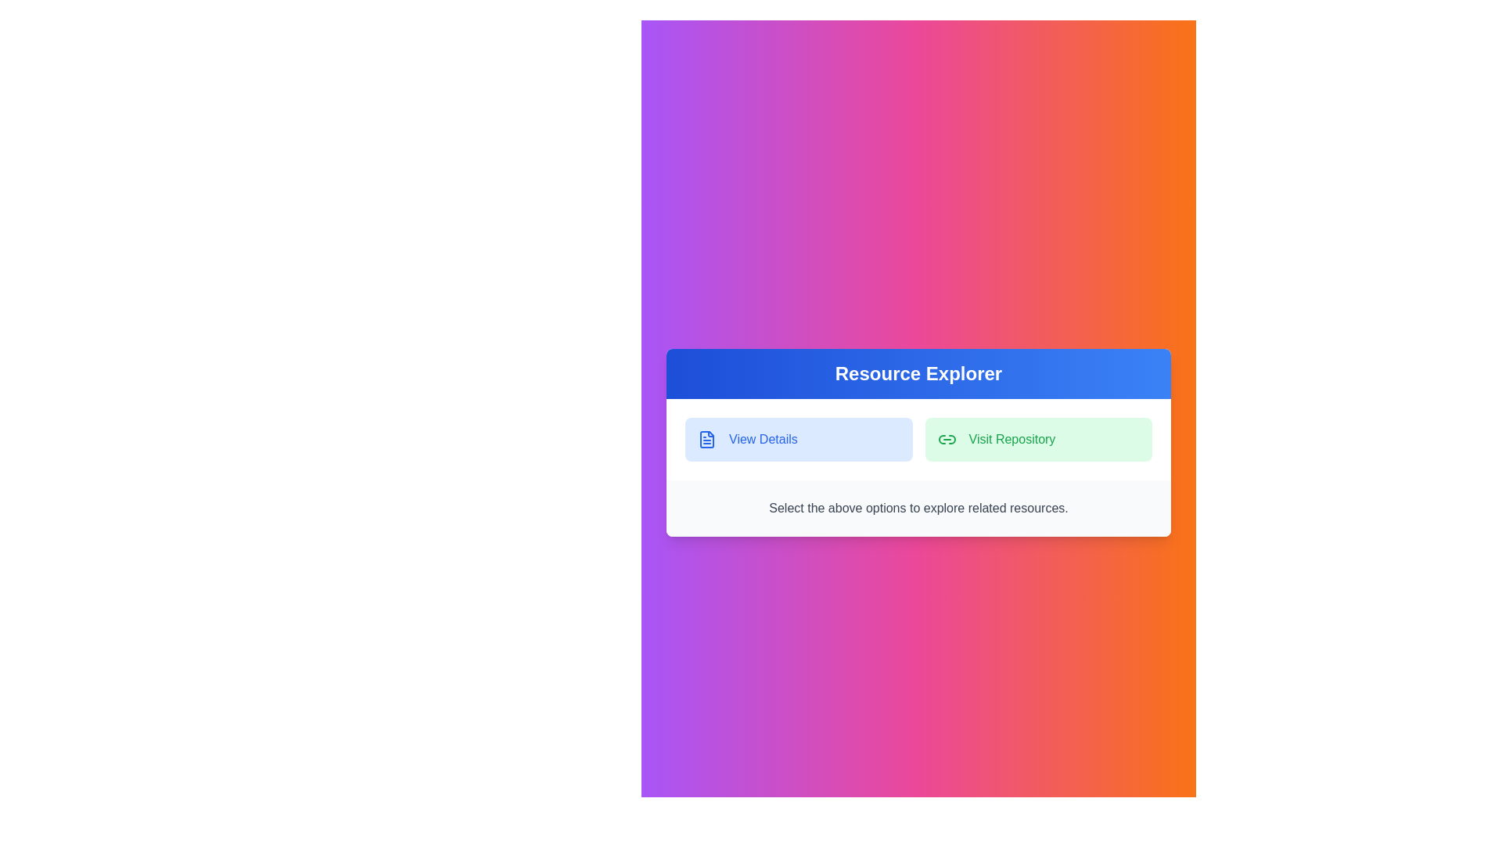 This screenshot has height=845, width=1502. Describe the element at coordinates (1038, 440) in the screenshot. I see `the button located on the right side of the grid layout, adjacent to the 'View Details' button` at that location.